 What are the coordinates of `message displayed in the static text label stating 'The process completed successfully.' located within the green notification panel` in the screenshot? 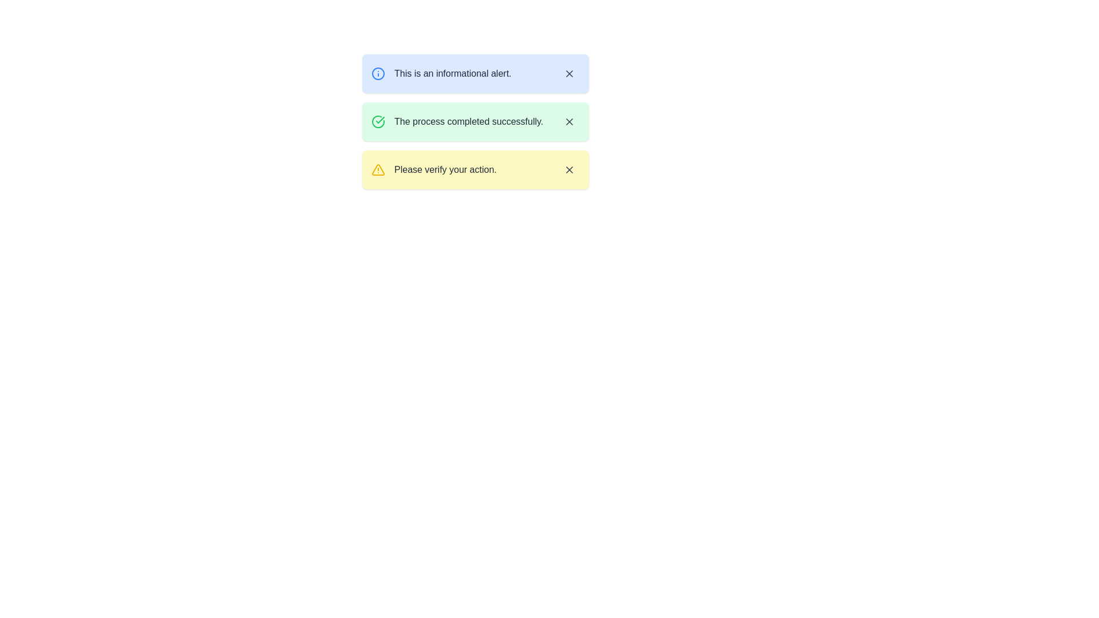 It's located at (469, 121).